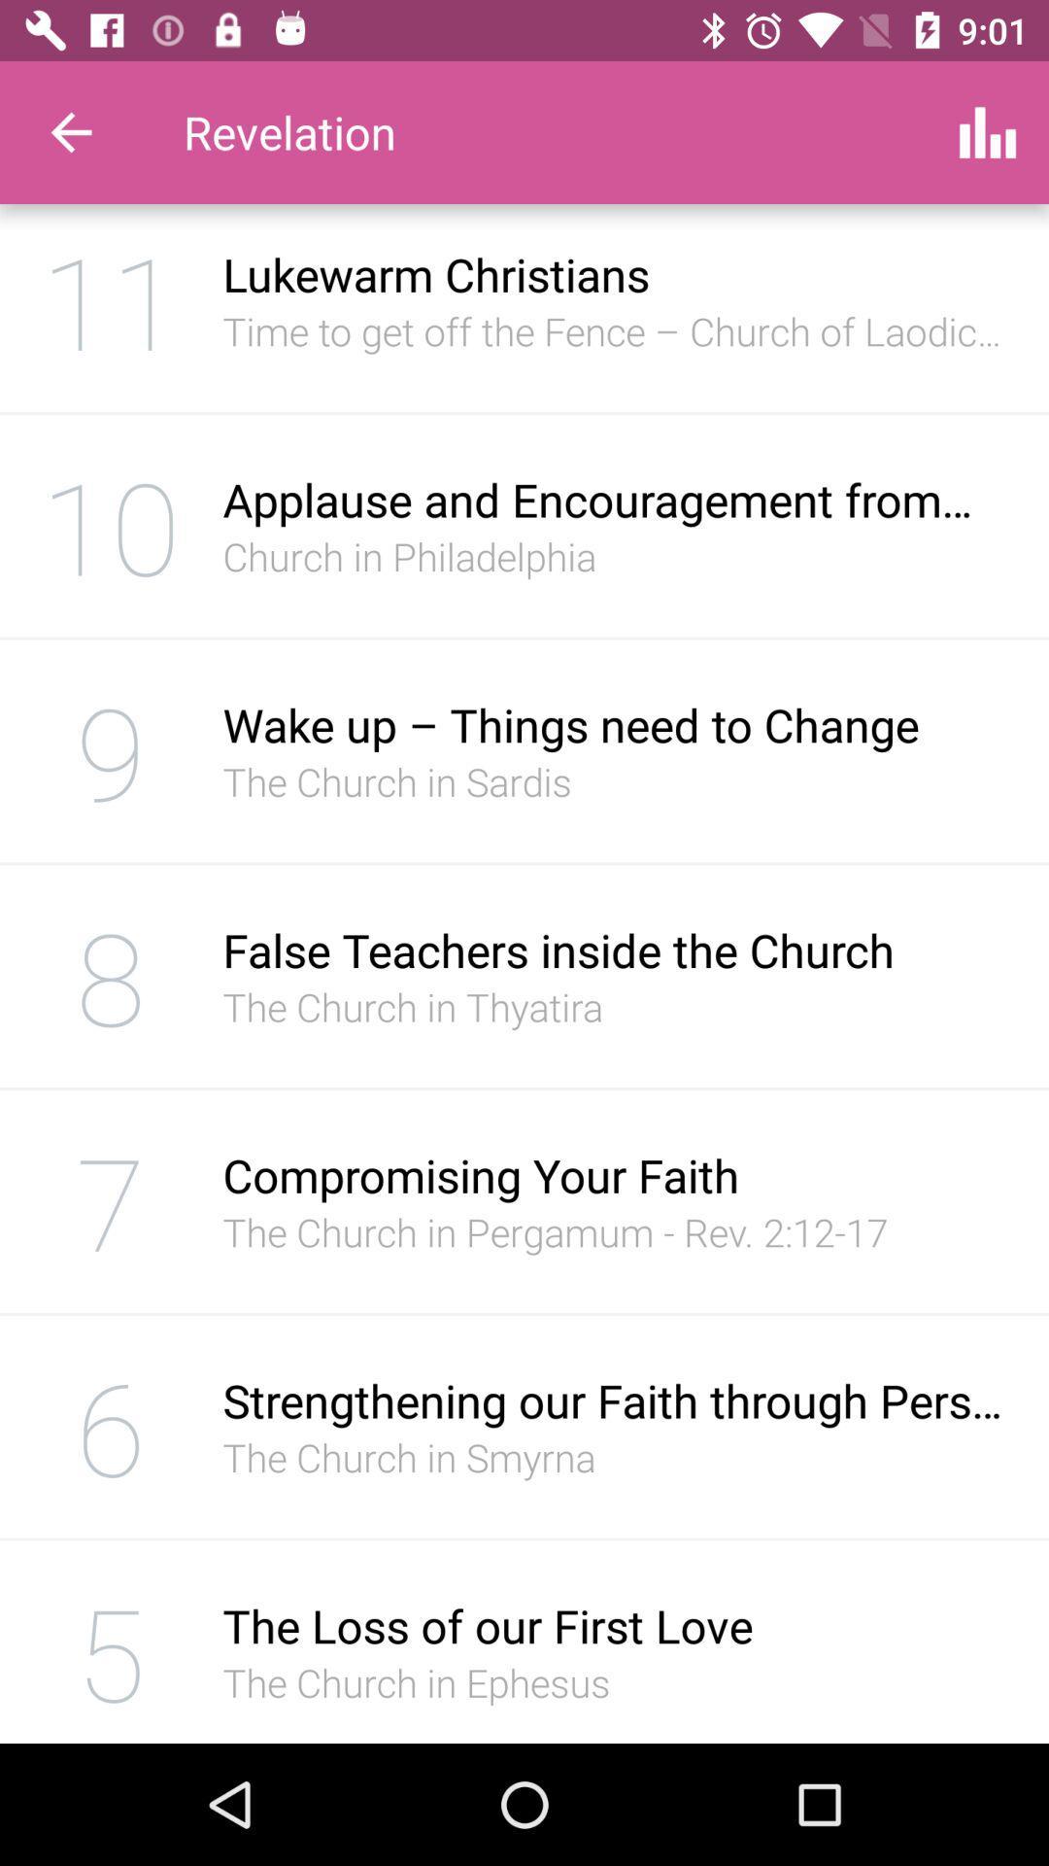 The width and height of the screenshot is (1049, 1866). What do you see at coordinates (615, 330) in the screenshot?
I see `item to the right of the 11 icon` at bounding box center [615, 330].